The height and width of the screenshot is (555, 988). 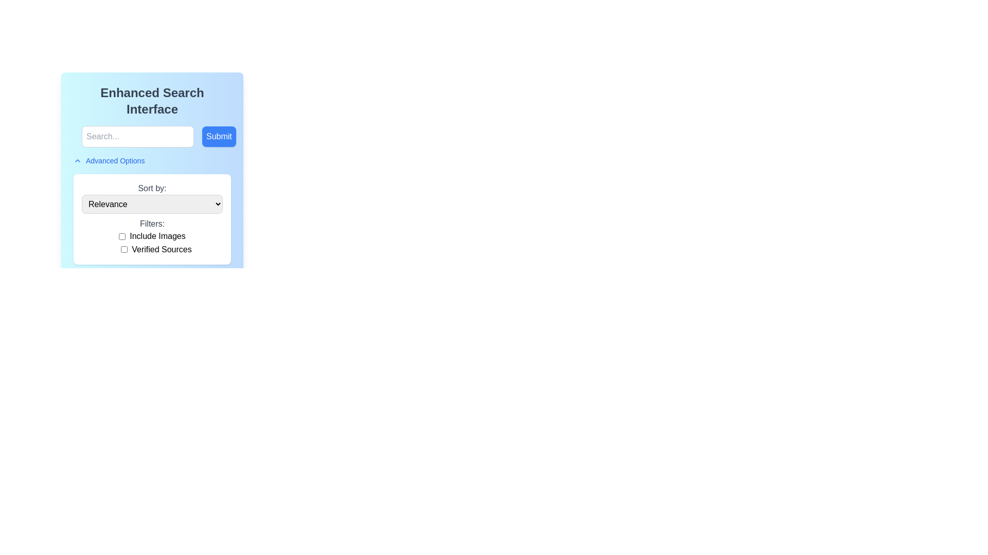 I want to click on the 'Sort by:' label, which is part of the sorting interface and is positioned above the 'RelevanceDate' dropdown menu, so click(x=152, y=188).